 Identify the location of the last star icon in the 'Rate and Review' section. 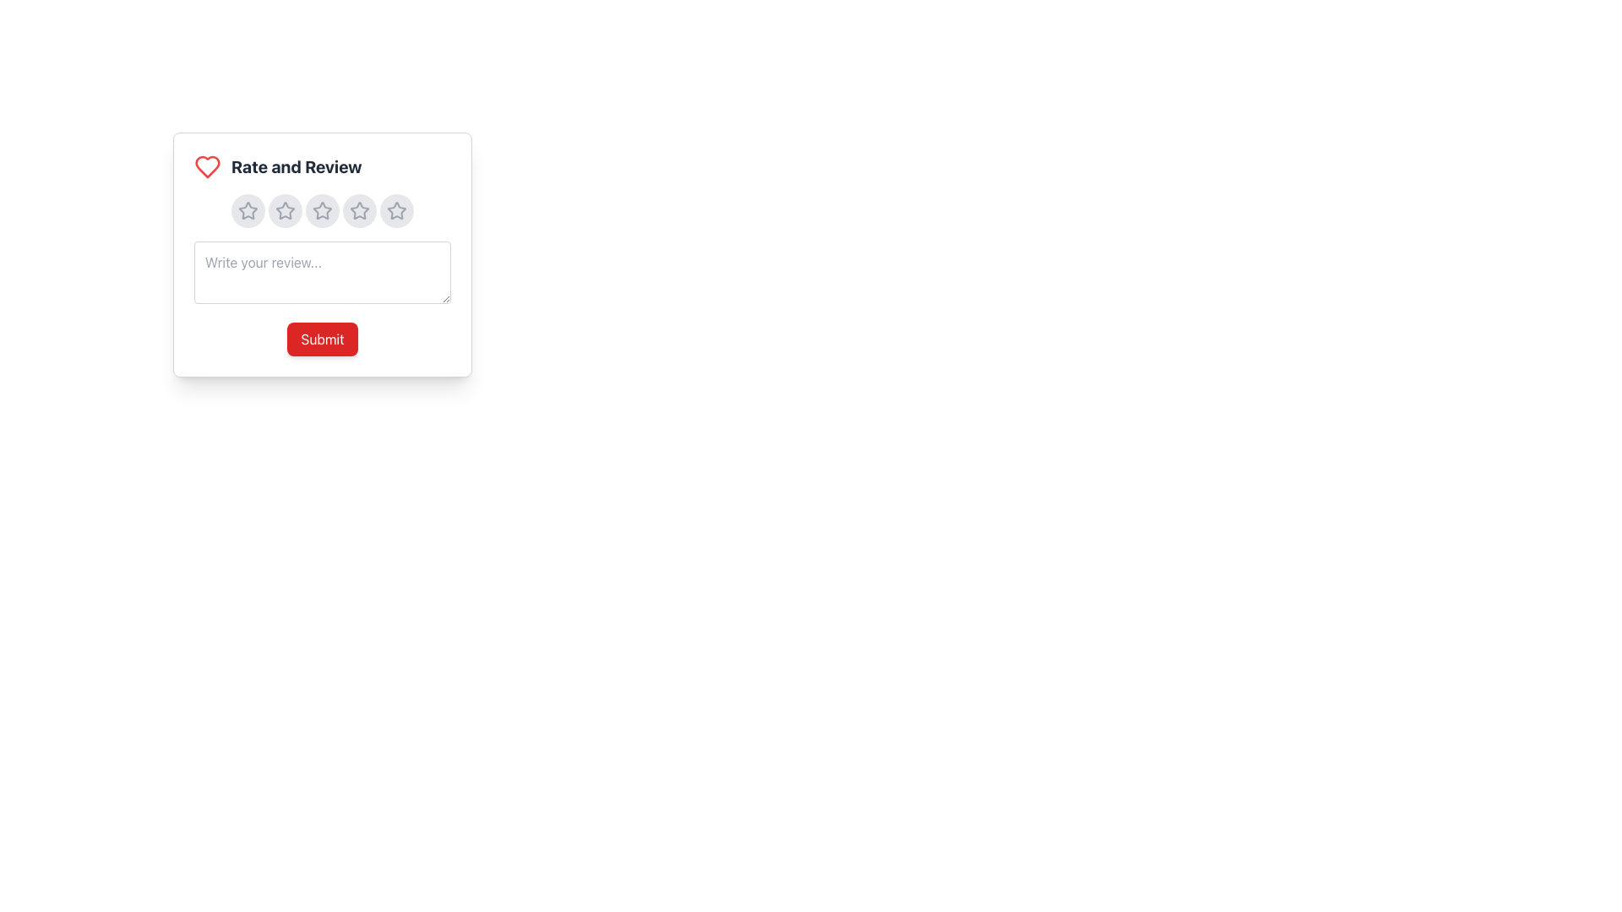
(396, 210).